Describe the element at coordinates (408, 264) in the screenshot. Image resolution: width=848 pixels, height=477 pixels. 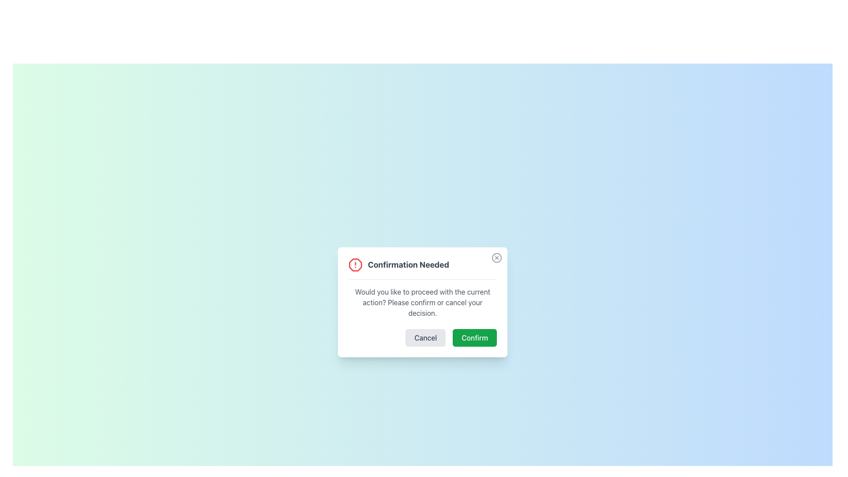
I see `the Text Label that serves as the header of the confirmation dialog, located immediately to the right of a red alert icon` at that location.